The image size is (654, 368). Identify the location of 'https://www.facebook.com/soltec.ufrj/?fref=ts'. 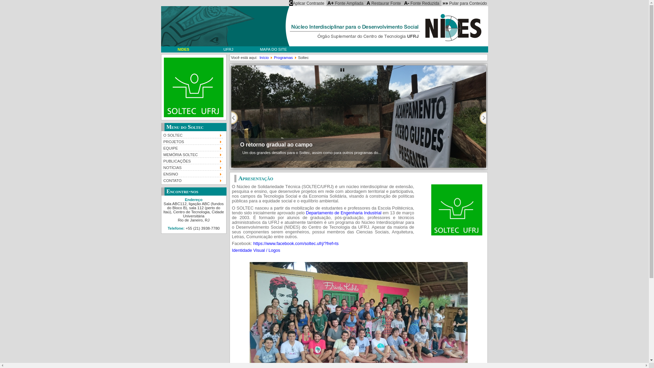
(296, 243).